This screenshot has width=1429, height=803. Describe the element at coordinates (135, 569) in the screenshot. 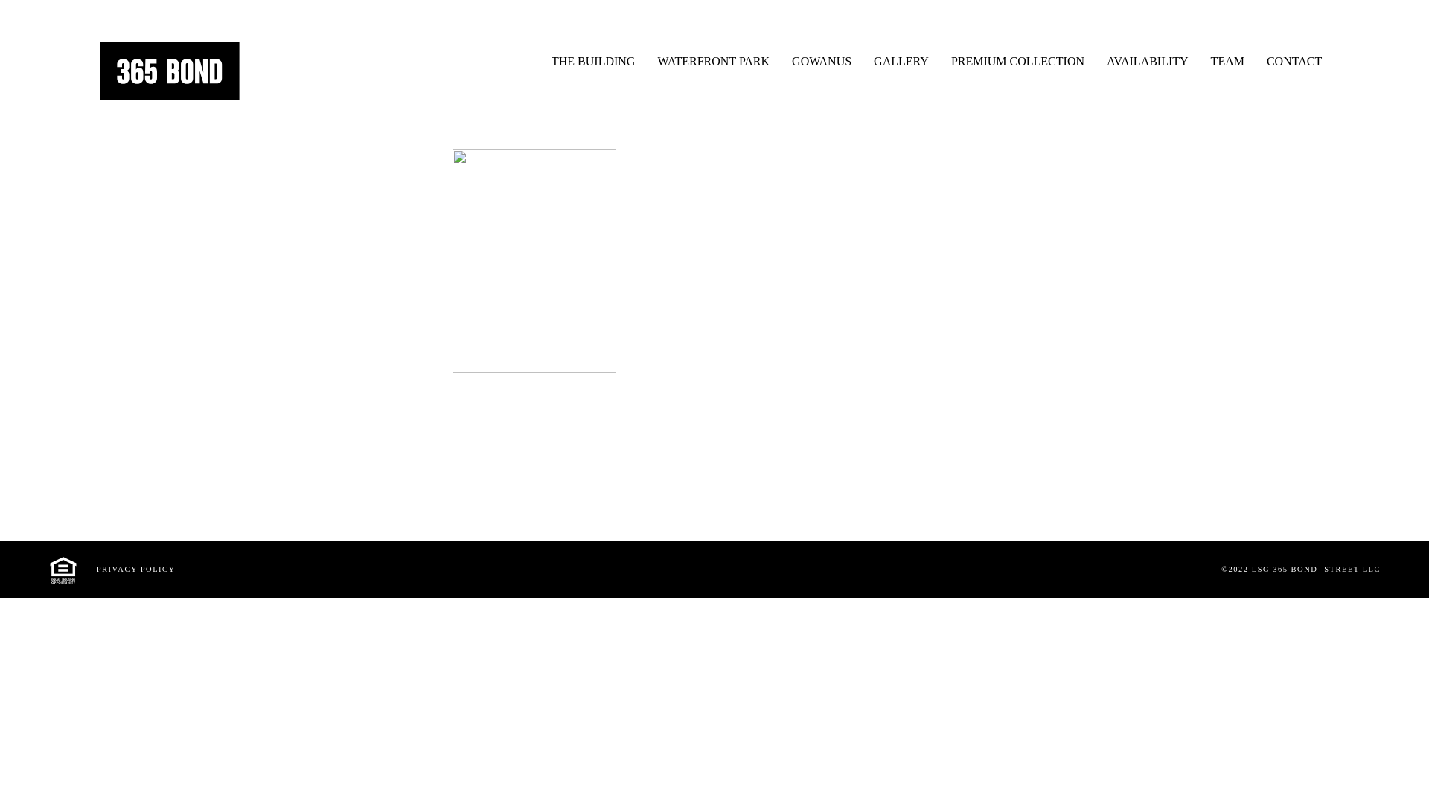

I see `'PRIVACY POLICY'` at that location.